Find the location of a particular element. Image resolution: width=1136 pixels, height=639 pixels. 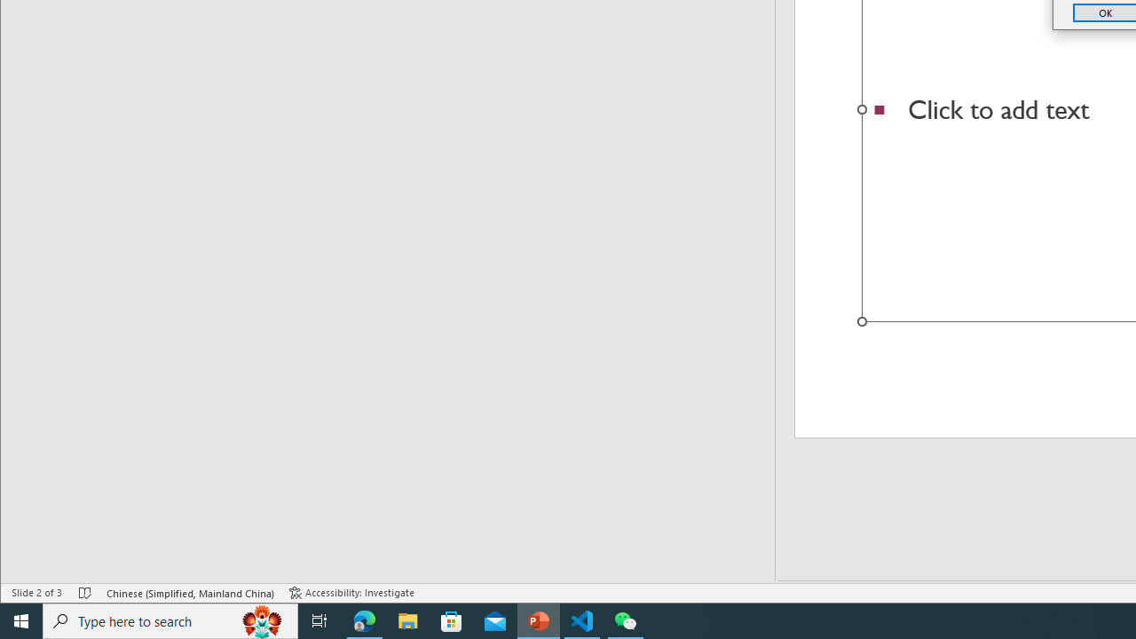

'Type here to search' is located at coordinates (170, 619).